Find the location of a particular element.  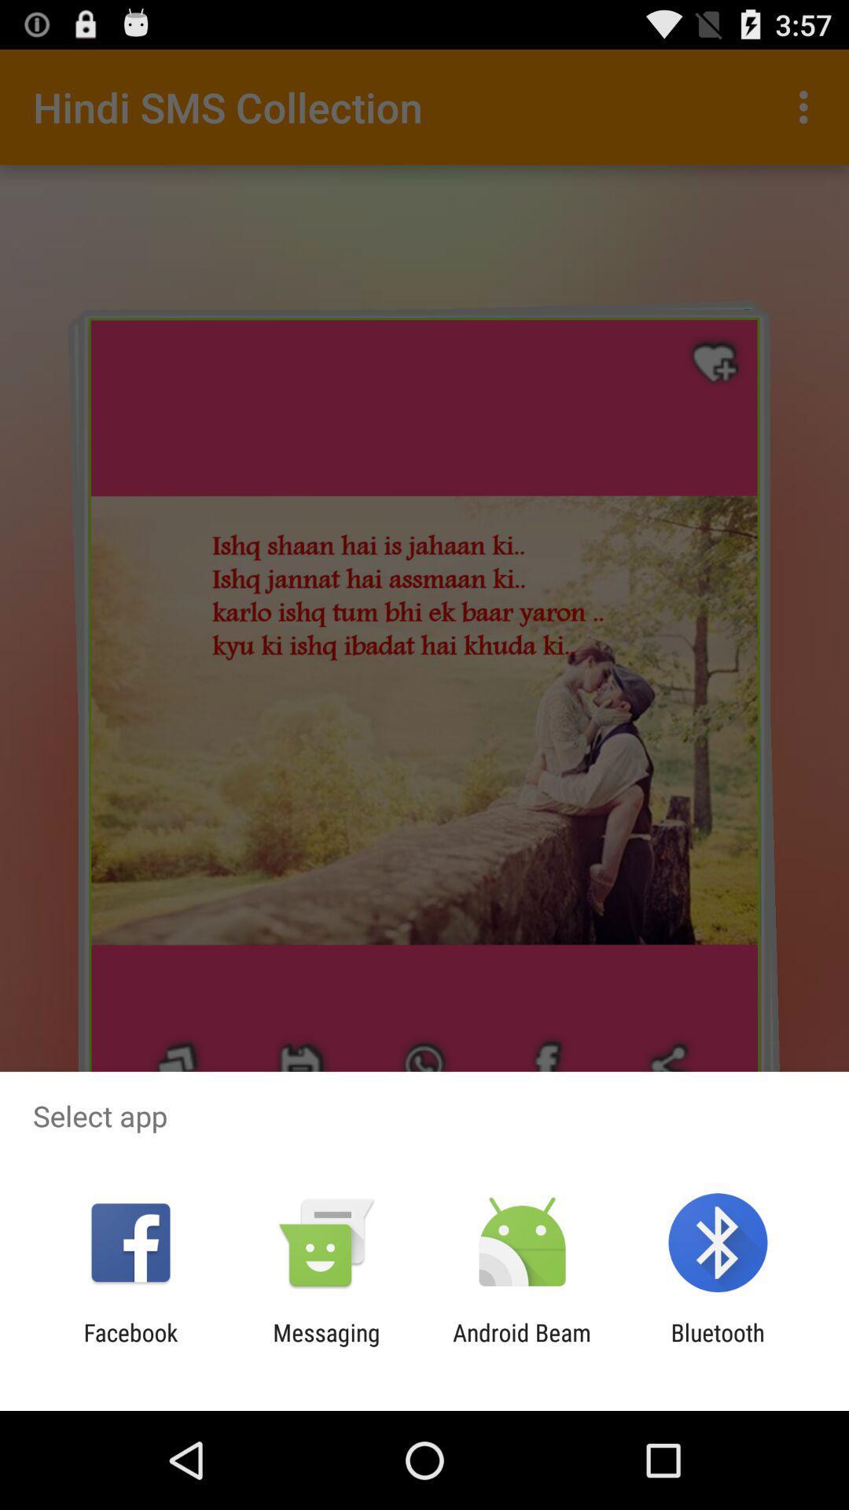

messaging is located at coordinates (325, 1346).